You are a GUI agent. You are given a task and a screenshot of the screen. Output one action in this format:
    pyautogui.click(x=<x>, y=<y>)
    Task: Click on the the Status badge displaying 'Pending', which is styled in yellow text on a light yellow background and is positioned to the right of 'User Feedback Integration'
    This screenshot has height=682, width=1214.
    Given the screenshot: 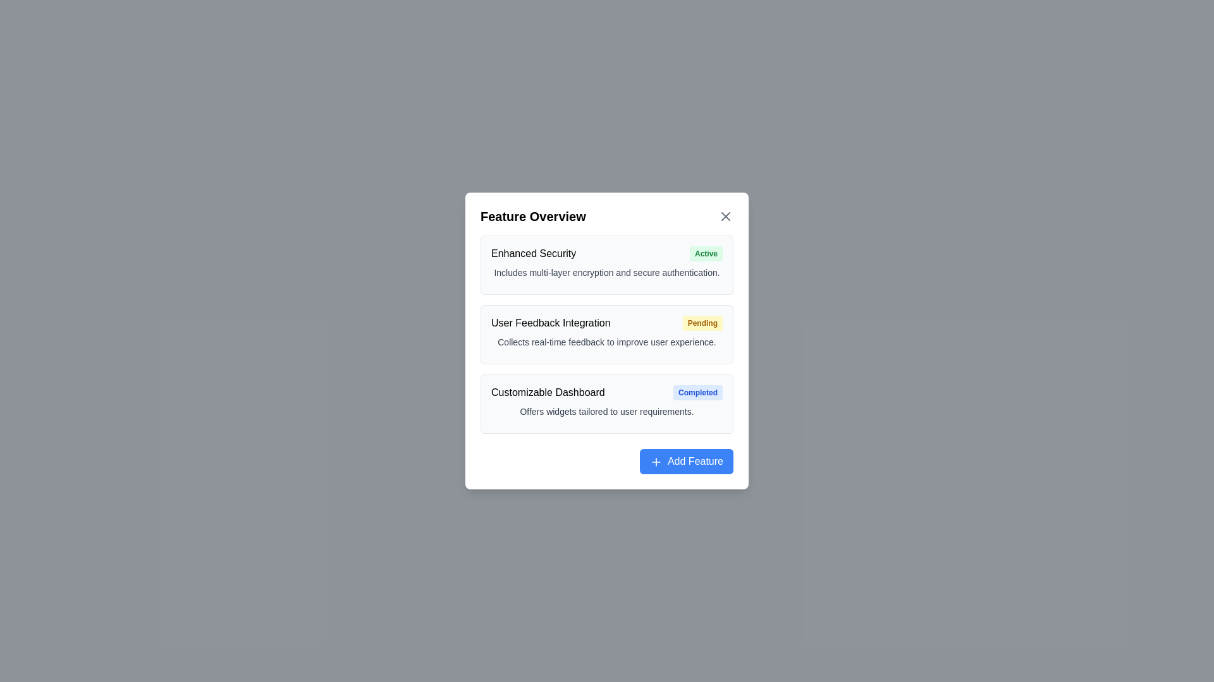 What is the action you would take?
    pyautogui.click(x=702, y=323)
    